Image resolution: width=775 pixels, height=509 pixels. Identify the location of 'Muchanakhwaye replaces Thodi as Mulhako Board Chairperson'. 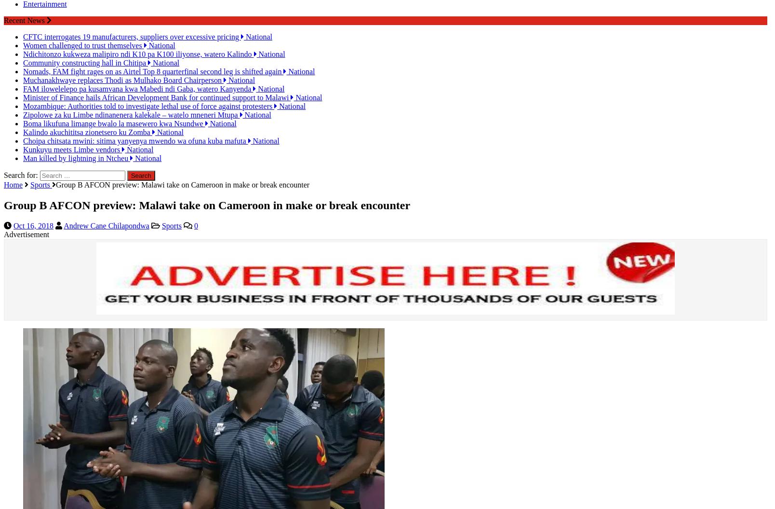
(123, 71).